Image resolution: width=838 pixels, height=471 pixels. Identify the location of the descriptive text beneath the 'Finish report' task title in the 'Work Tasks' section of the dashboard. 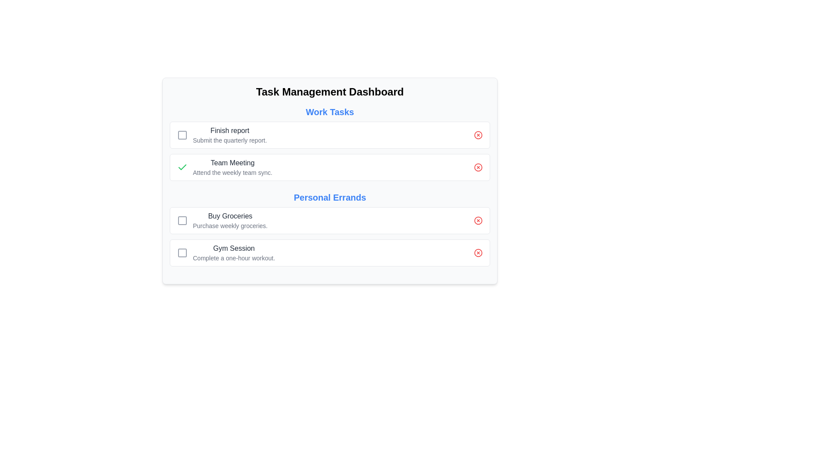
(230, 140).